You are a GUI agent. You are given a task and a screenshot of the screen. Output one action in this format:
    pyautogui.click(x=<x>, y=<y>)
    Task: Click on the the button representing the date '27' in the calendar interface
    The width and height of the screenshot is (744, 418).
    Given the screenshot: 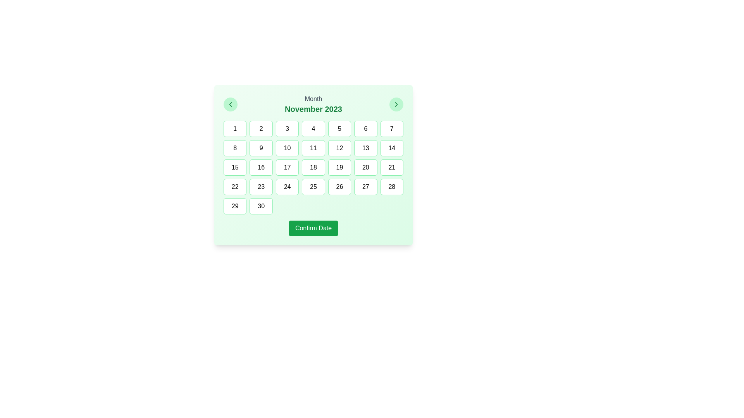 What is the action you would take?
    pyautogui.click(x=365, y=187)
    